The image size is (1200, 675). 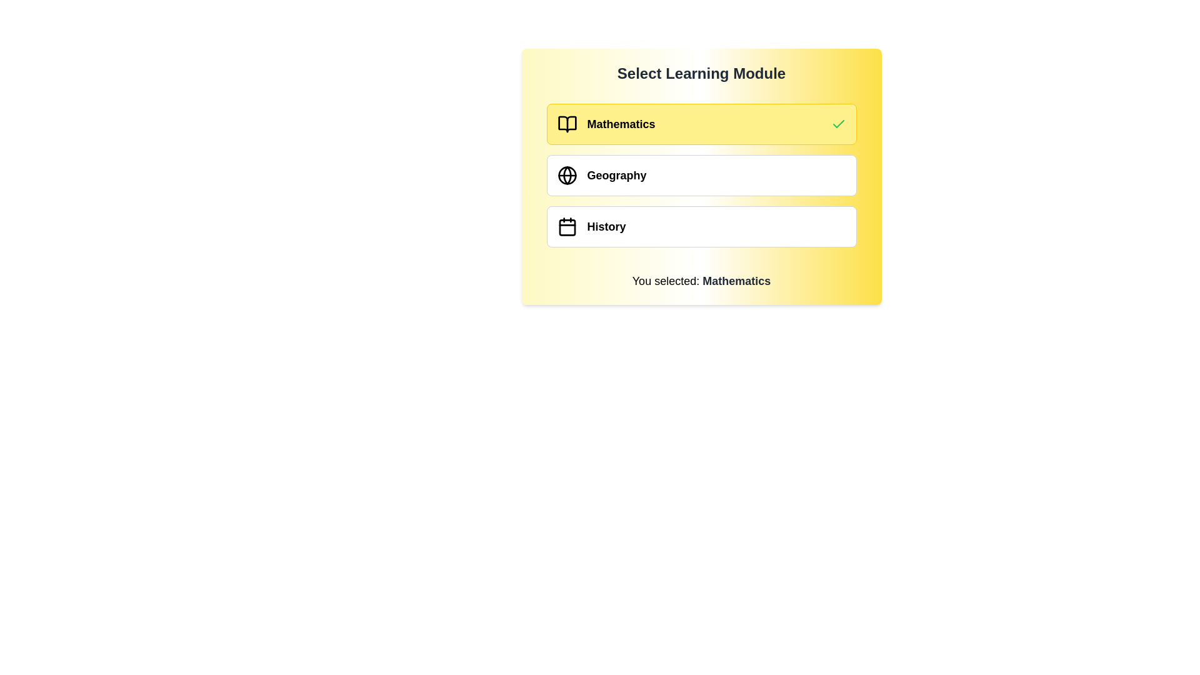 I want to click on the 'Mathematics' text label which is displayed in a bold font within a yellow-highlighted card, located between an open book icon and a green check mark icon, so click(x=621, y=124).